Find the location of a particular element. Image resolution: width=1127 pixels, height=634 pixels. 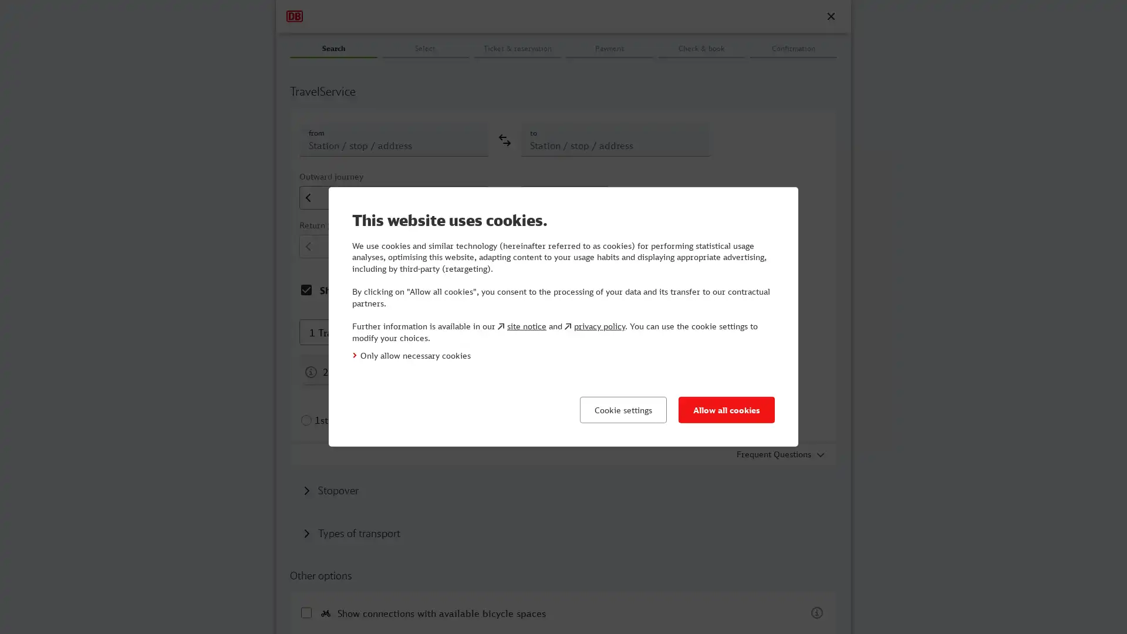

Change start and destination is located at coordinates (504, 139).